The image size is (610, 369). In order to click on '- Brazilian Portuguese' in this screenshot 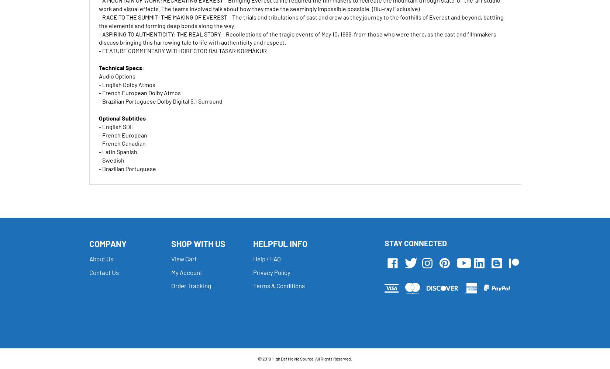, I will do `click(127, 168)`.